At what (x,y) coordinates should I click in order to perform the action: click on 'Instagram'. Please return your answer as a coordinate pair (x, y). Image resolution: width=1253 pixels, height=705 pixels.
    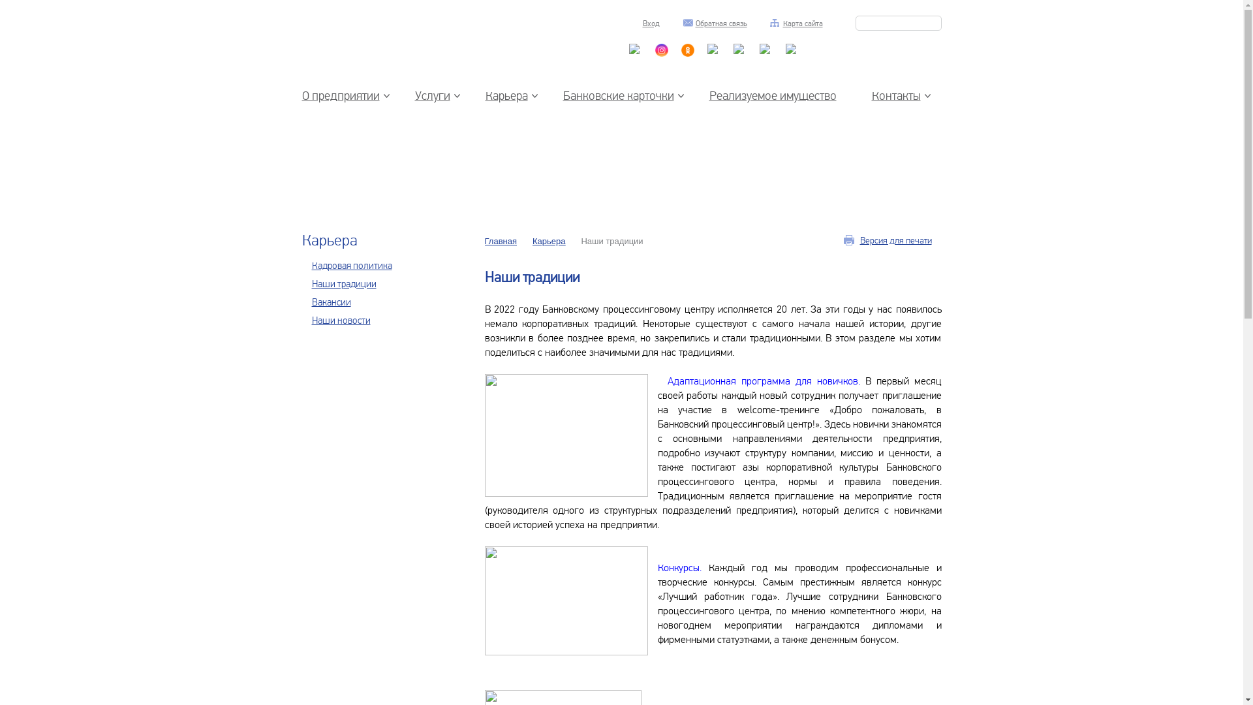
    Looking at the image, I should click on (661, 52).